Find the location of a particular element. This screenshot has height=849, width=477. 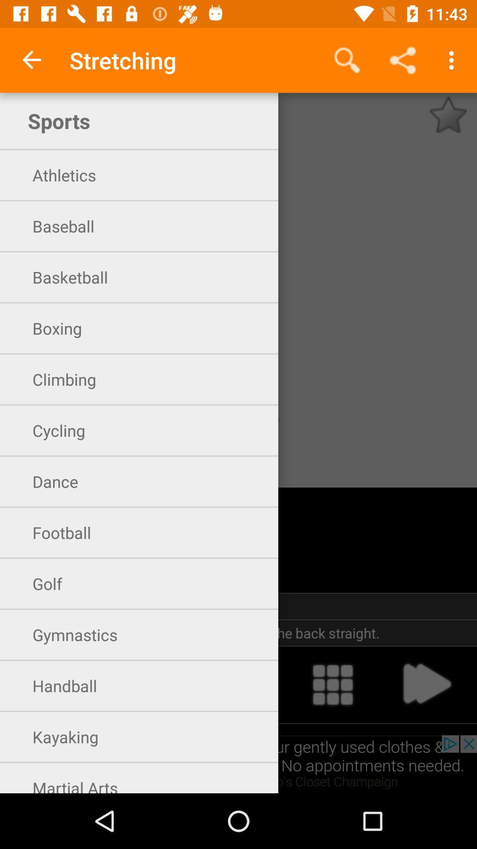

menu button is located at coordinates (333, 684).